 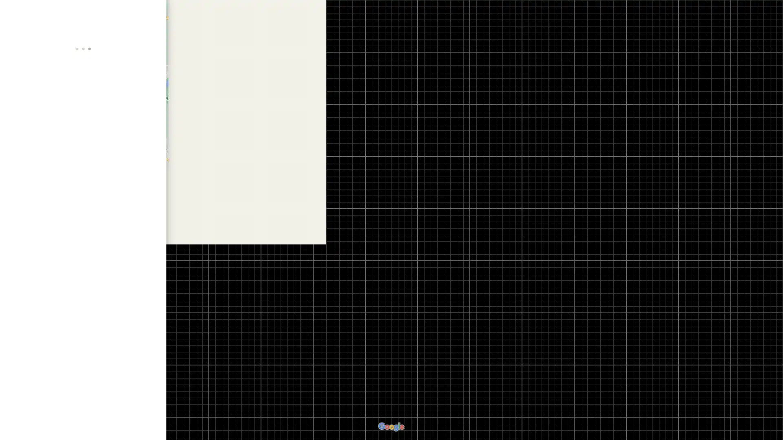 What do you see at coordinates (30, 123) in the screenshot?
I see `3.0 stars` at bounding box center [30, 123].